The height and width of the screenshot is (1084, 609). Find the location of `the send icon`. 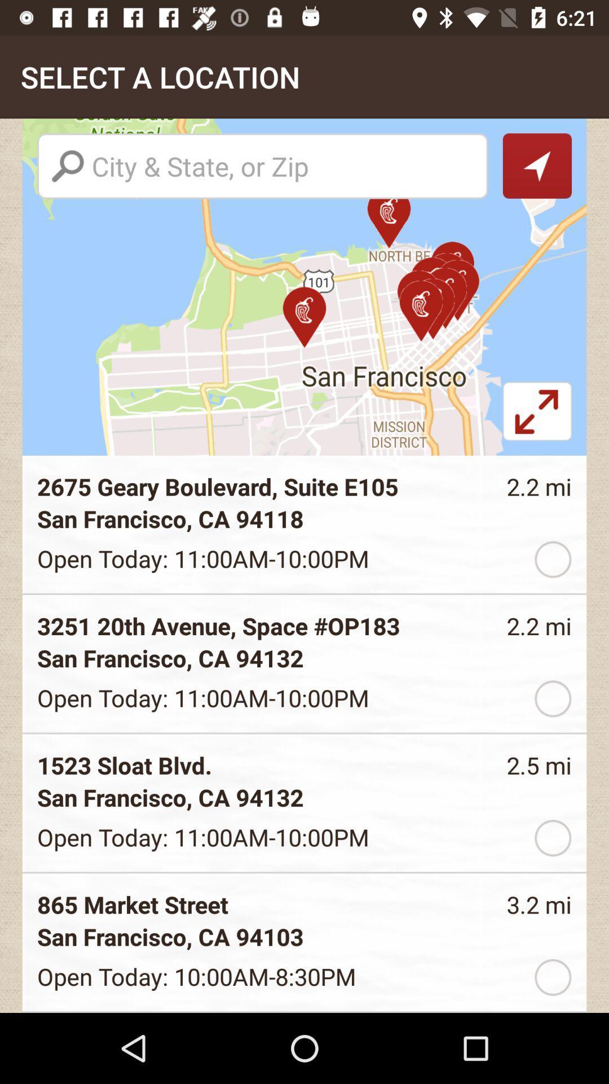

the send icon is located at coordinates (536, 165).